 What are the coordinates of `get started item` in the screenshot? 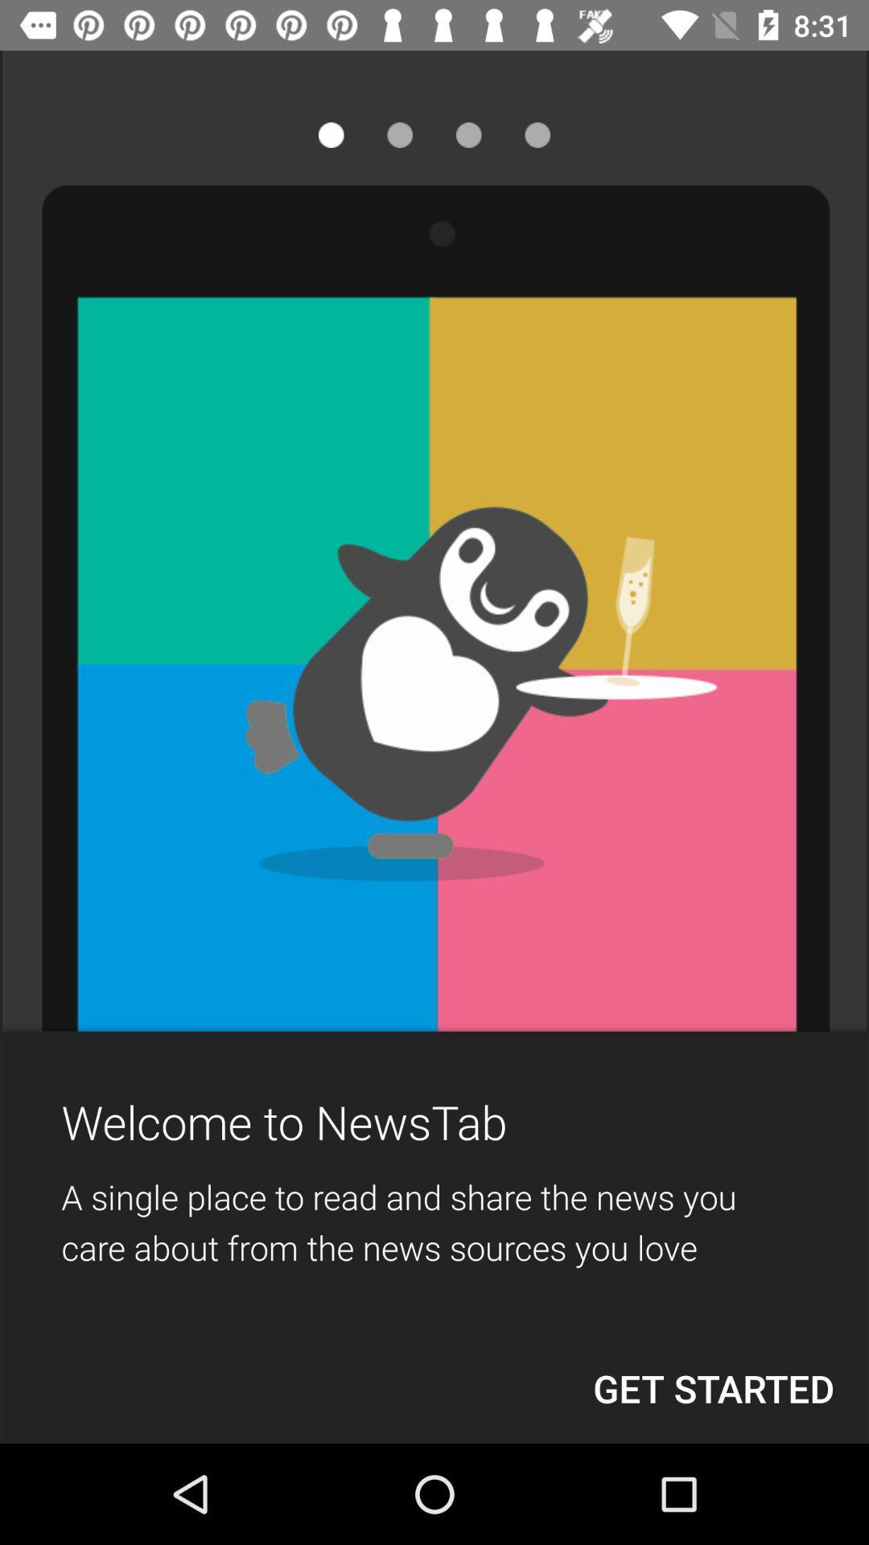 It's located at (713, 1387).